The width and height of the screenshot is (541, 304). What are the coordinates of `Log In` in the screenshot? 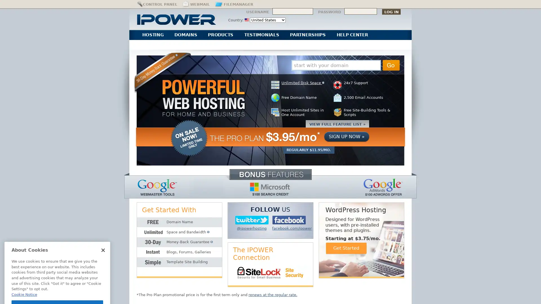 It's located at (391, 12).